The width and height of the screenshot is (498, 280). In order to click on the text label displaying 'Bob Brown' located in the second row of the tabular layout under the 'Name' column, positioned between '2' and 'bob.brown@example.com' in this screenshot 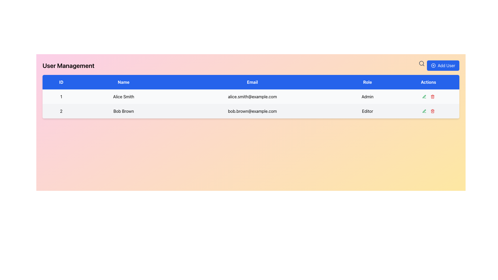, I will do `click(123, 111)`.